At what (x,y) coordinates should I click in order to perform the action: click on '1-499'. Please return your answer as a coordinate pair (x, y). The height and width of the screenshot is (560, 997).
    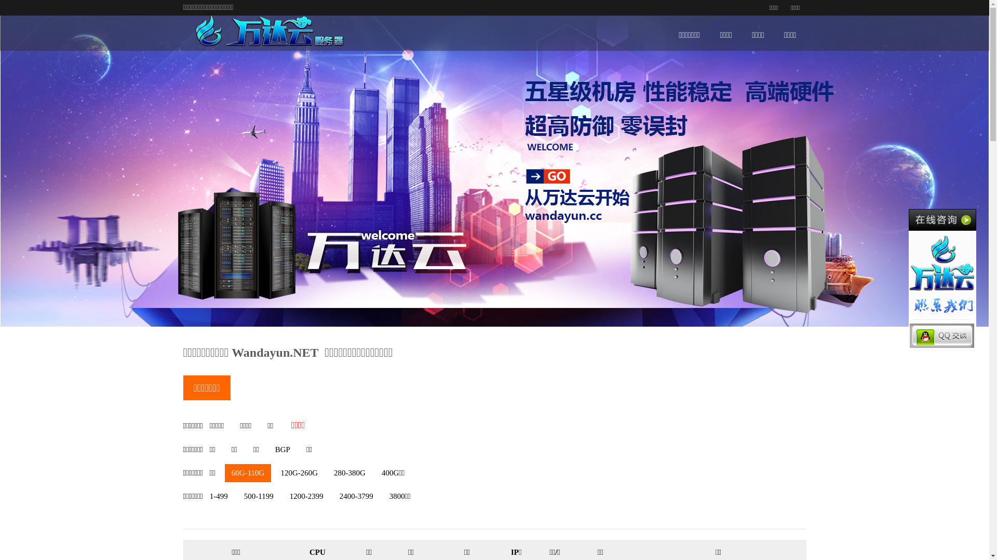
    Looking at the image, I should click on (218, 496).